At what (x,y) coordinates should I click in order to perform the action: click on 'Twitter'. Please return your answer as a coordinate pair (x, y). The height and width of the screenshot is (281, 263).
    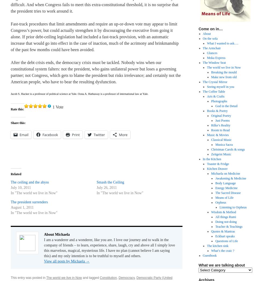
    Looking at the image, I should click on (99, 134).